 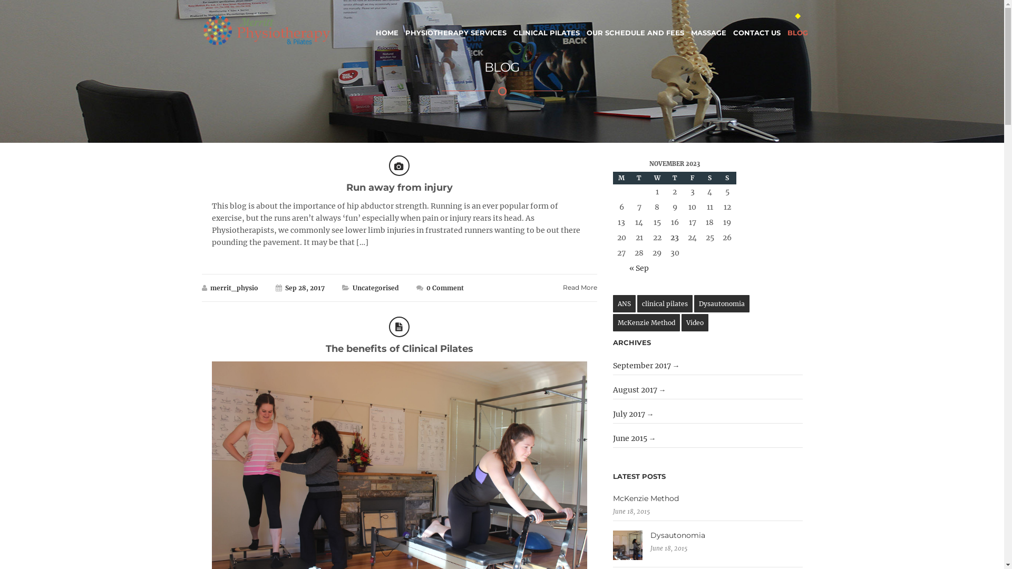 I want to click on 'PHYSIOTHERAPY SERVICES', so click(x=455, y=26).